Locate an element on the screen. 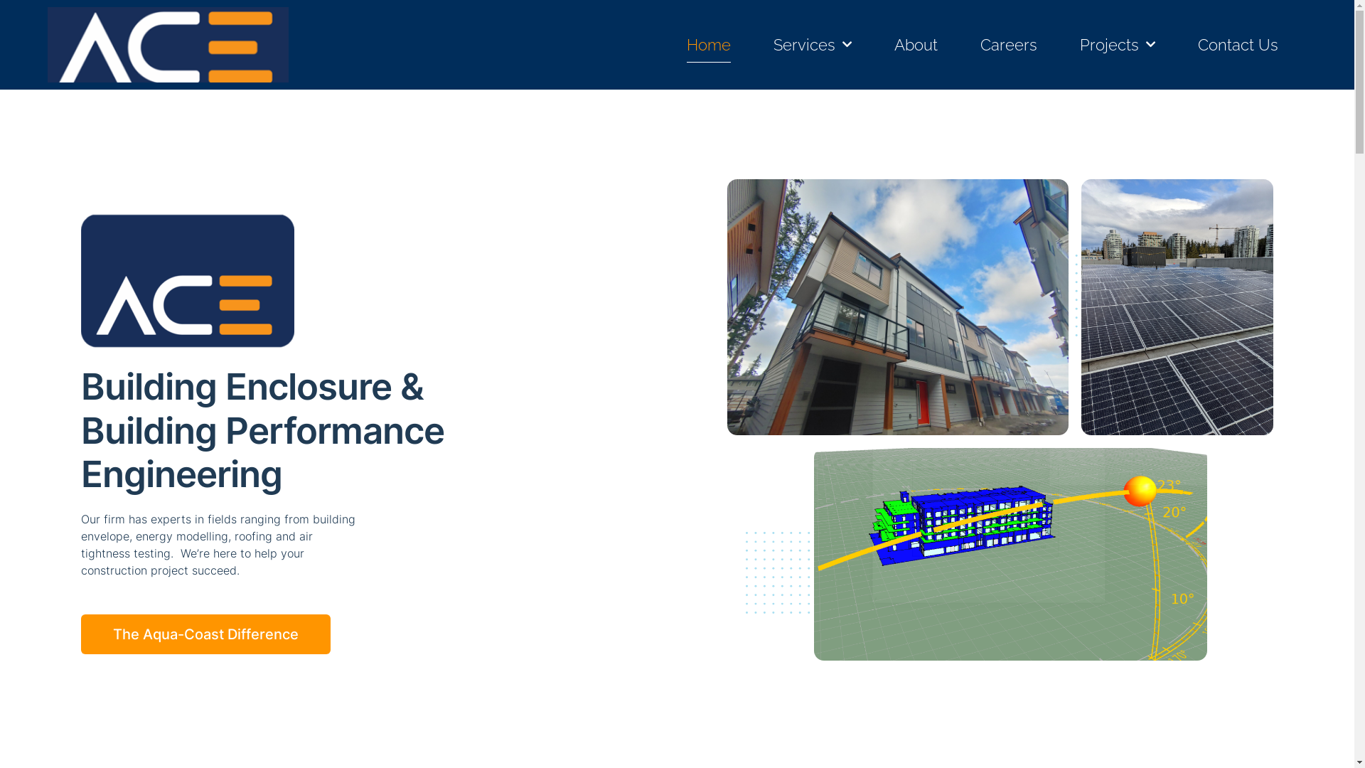 Image resolution: width=1365 pixels, height=768 pixels. 'Careers' is located at coordinates (1008, 43).